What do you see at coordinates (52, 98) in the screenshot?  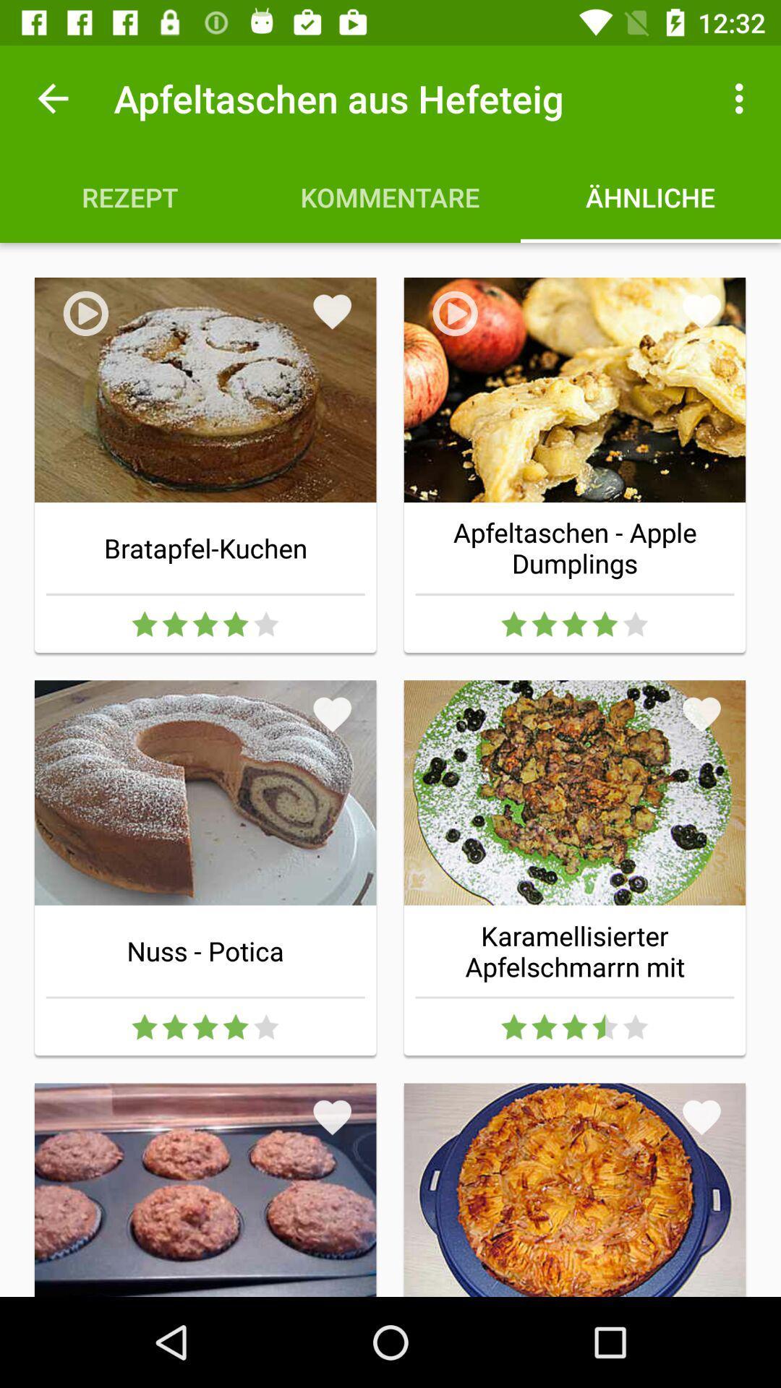 I see `the item next to the apfeltaschen aus hefeteig` at bounding box center [52, 98].